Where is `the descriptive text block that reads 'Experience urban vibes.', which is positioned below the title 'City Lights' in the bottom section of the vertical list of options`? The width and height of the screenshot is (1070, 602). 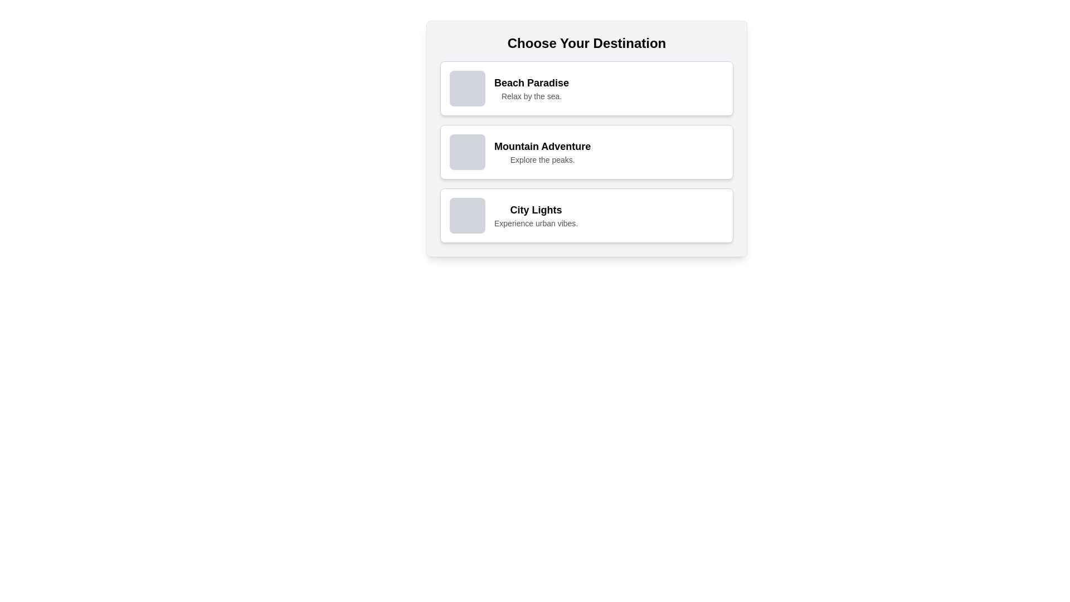
the descriptive text block that reads 'Experience urban vibes.', which is positioned below the title 'City Lights' in the bottom section of the vertical list of options is located at coordinates (536, 224).